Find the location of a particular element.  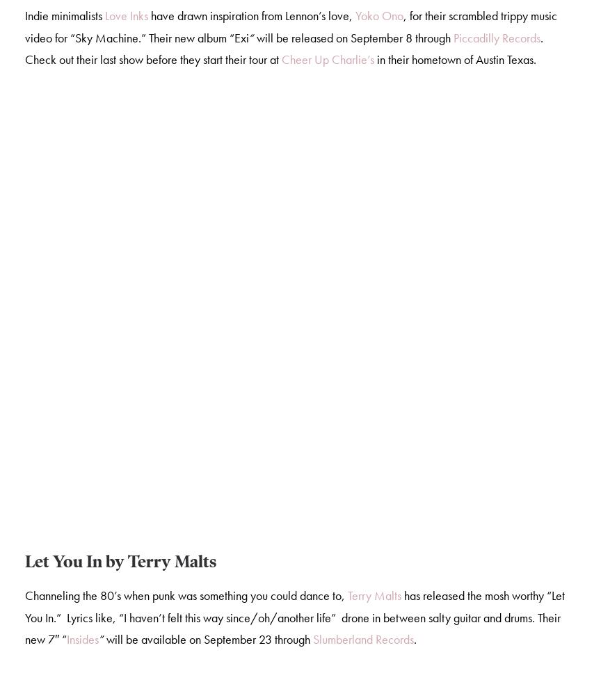

', for their scrambled trippy music video for “Sky Machine.” Their new album “Exi' is located at coordinates (25, 28).